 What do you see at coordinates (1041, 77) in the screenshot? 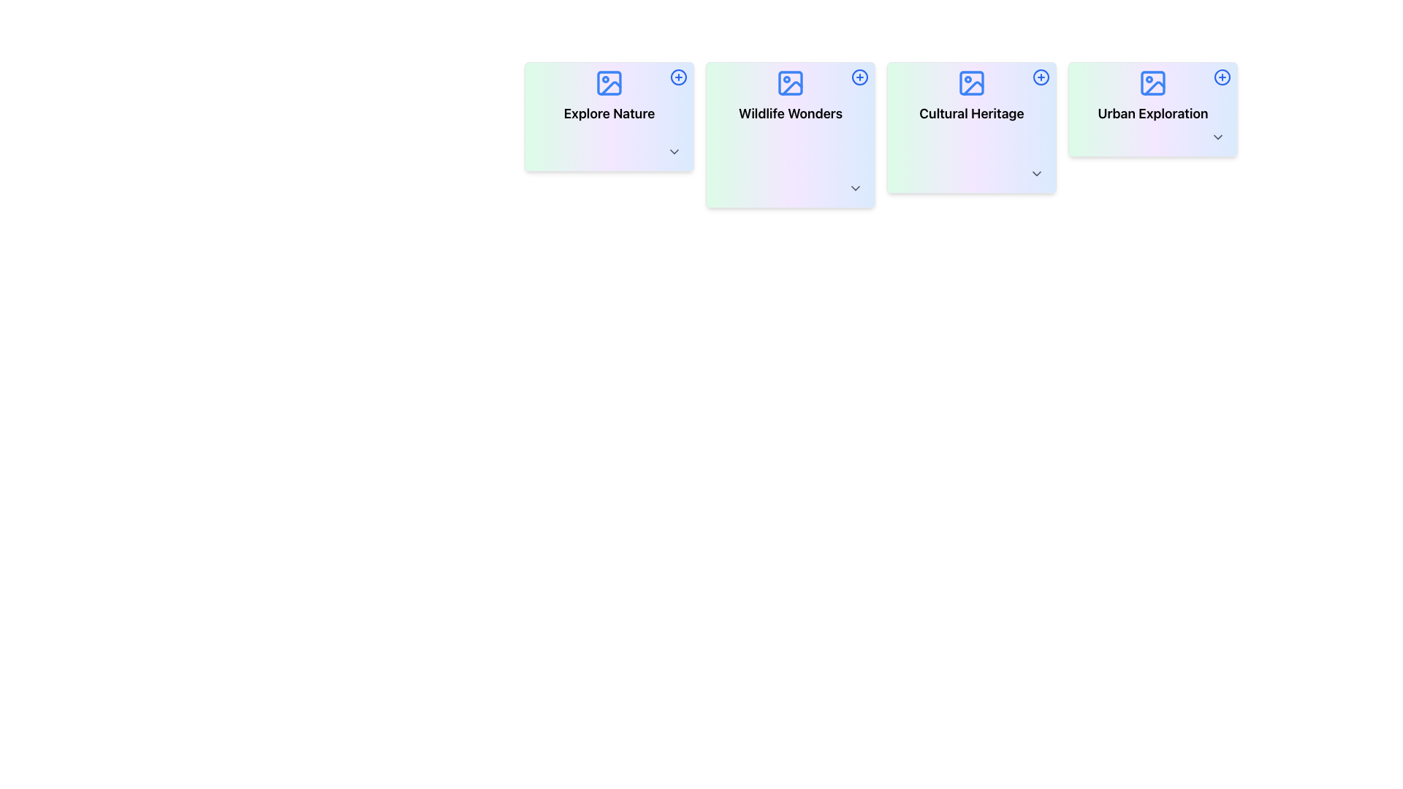
I see `the button located at the top-right corner of the 'Cultural Heritage' card` at bounding box center [1041, 77].